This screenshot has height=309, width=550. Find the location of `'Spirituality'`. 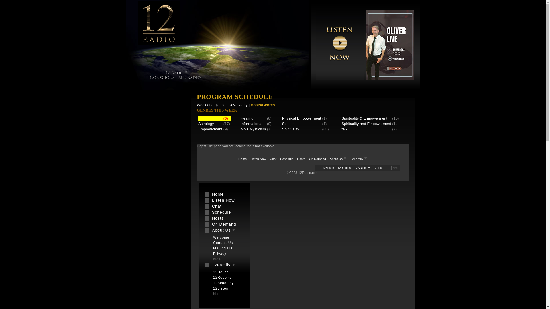

'Spirituality' is located at coordinates (282, 129).